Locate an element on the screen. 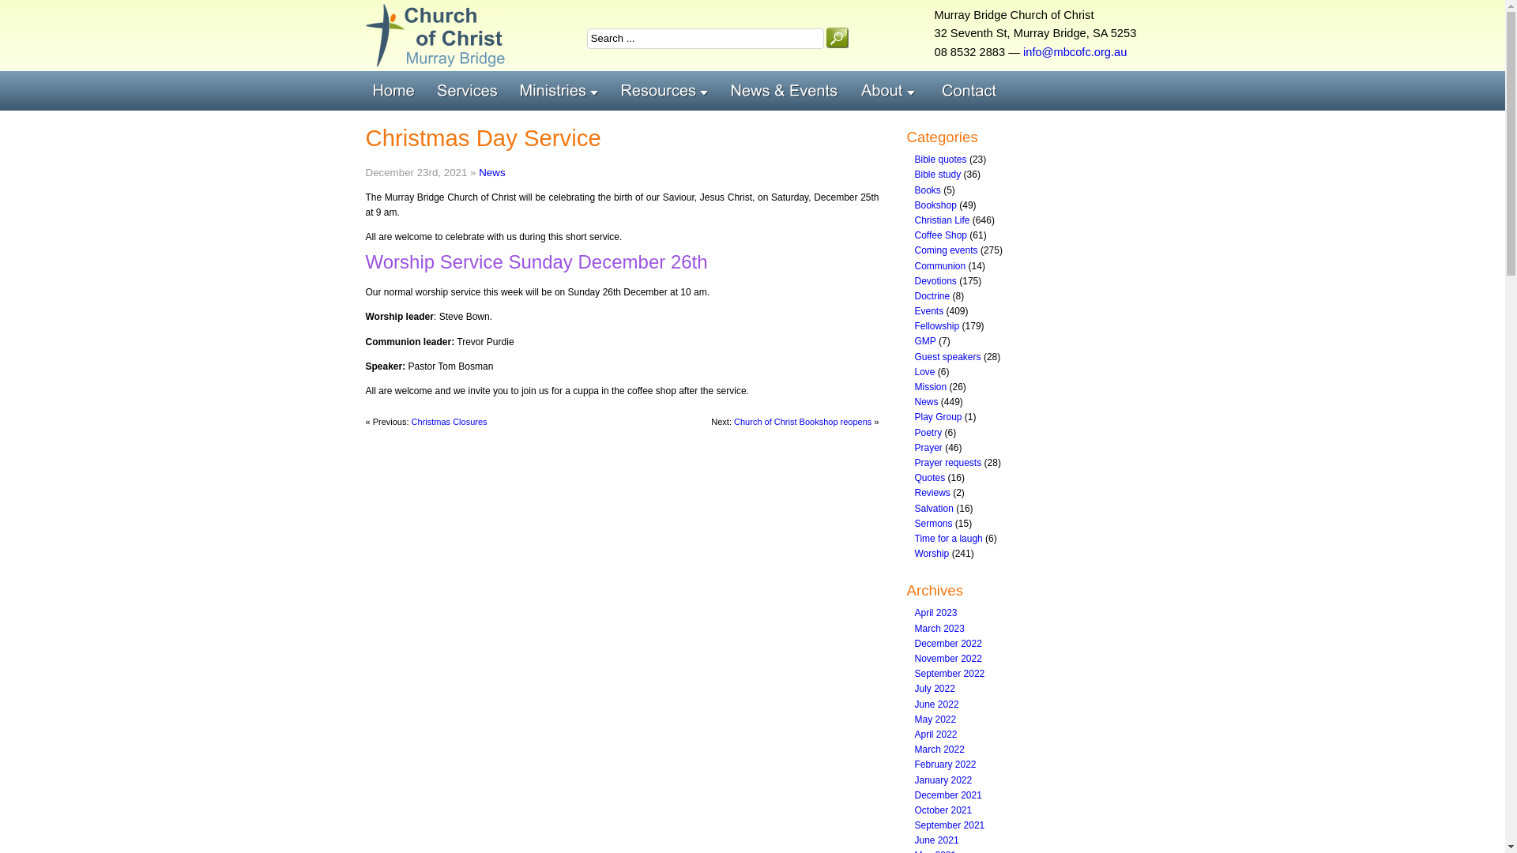 This screenshot has height=853, width=1517. 'Home Page' is located at coordinates (397, 91).